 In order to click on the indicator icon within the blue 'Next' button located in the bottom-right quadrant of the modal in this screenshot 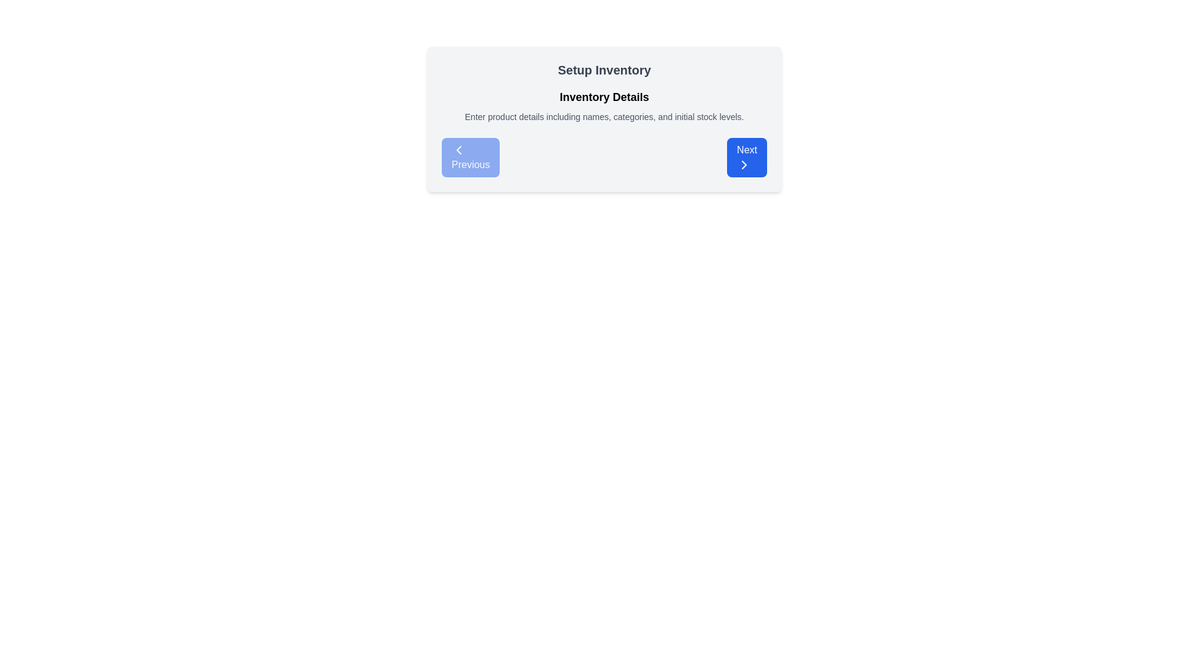, I will do `click(744, 164)`.